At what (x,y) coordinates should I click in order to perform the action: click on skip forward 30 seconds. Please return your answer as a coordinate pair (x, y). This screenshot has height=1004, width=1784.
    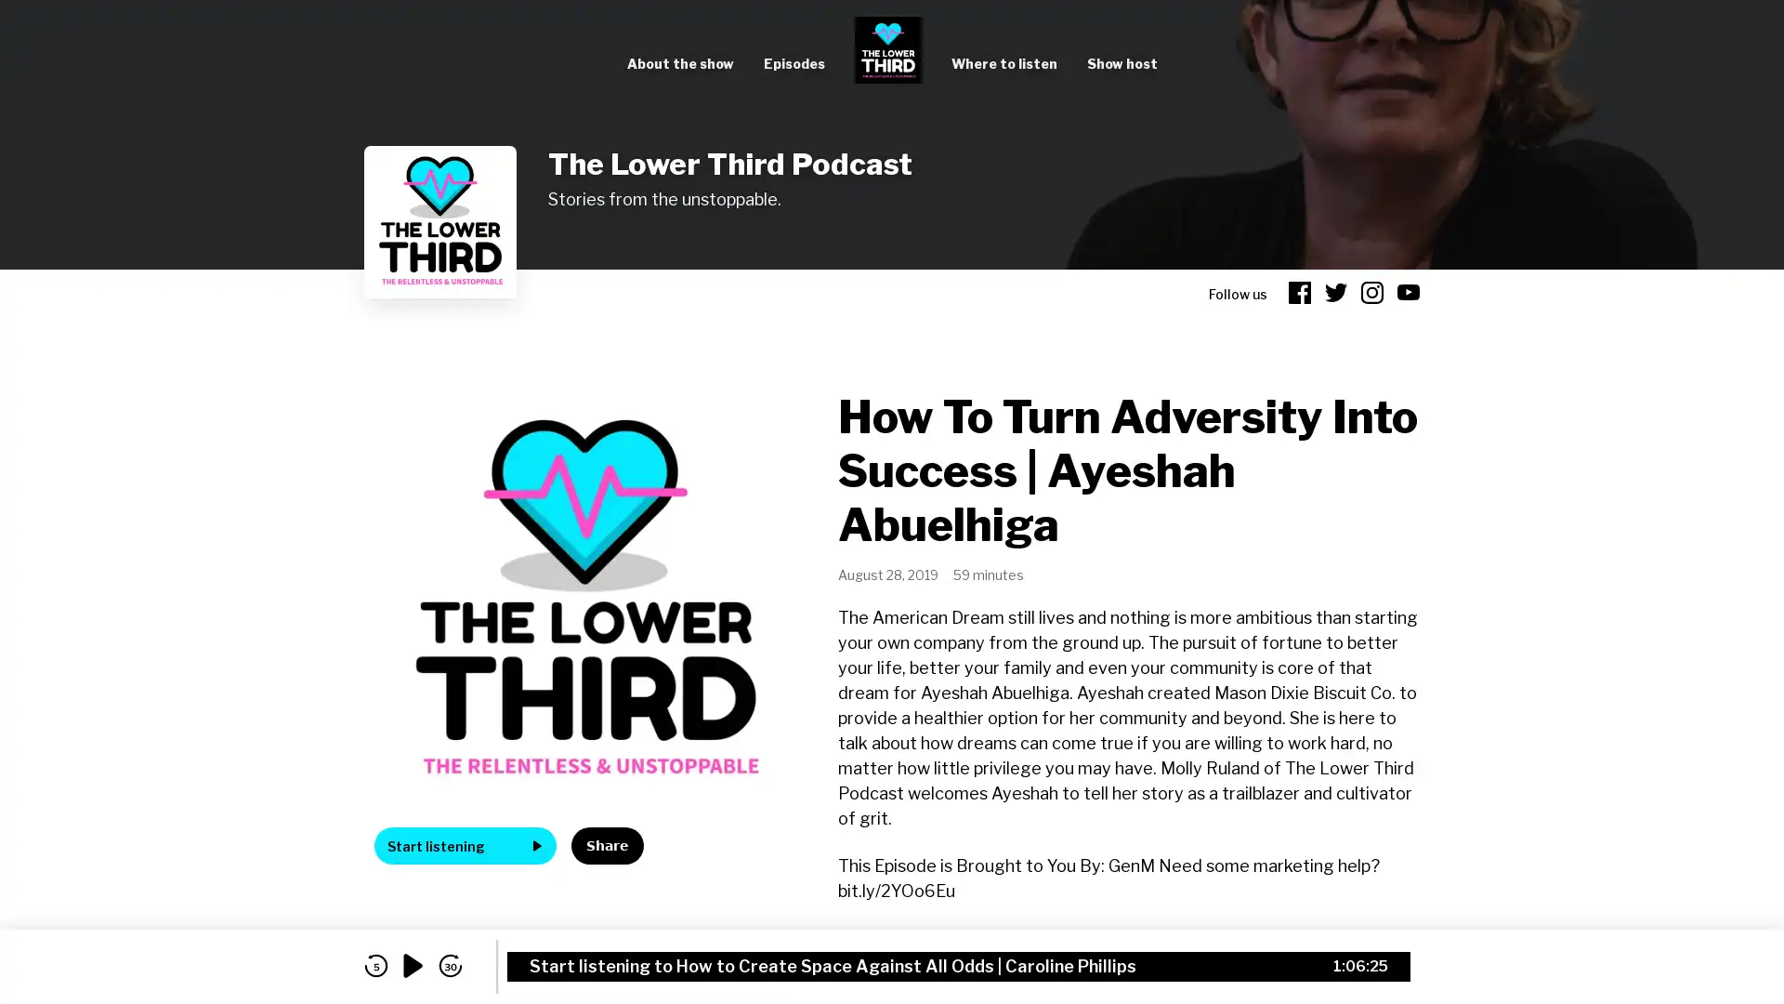
    Looking at the image, I should click on (450, 965).